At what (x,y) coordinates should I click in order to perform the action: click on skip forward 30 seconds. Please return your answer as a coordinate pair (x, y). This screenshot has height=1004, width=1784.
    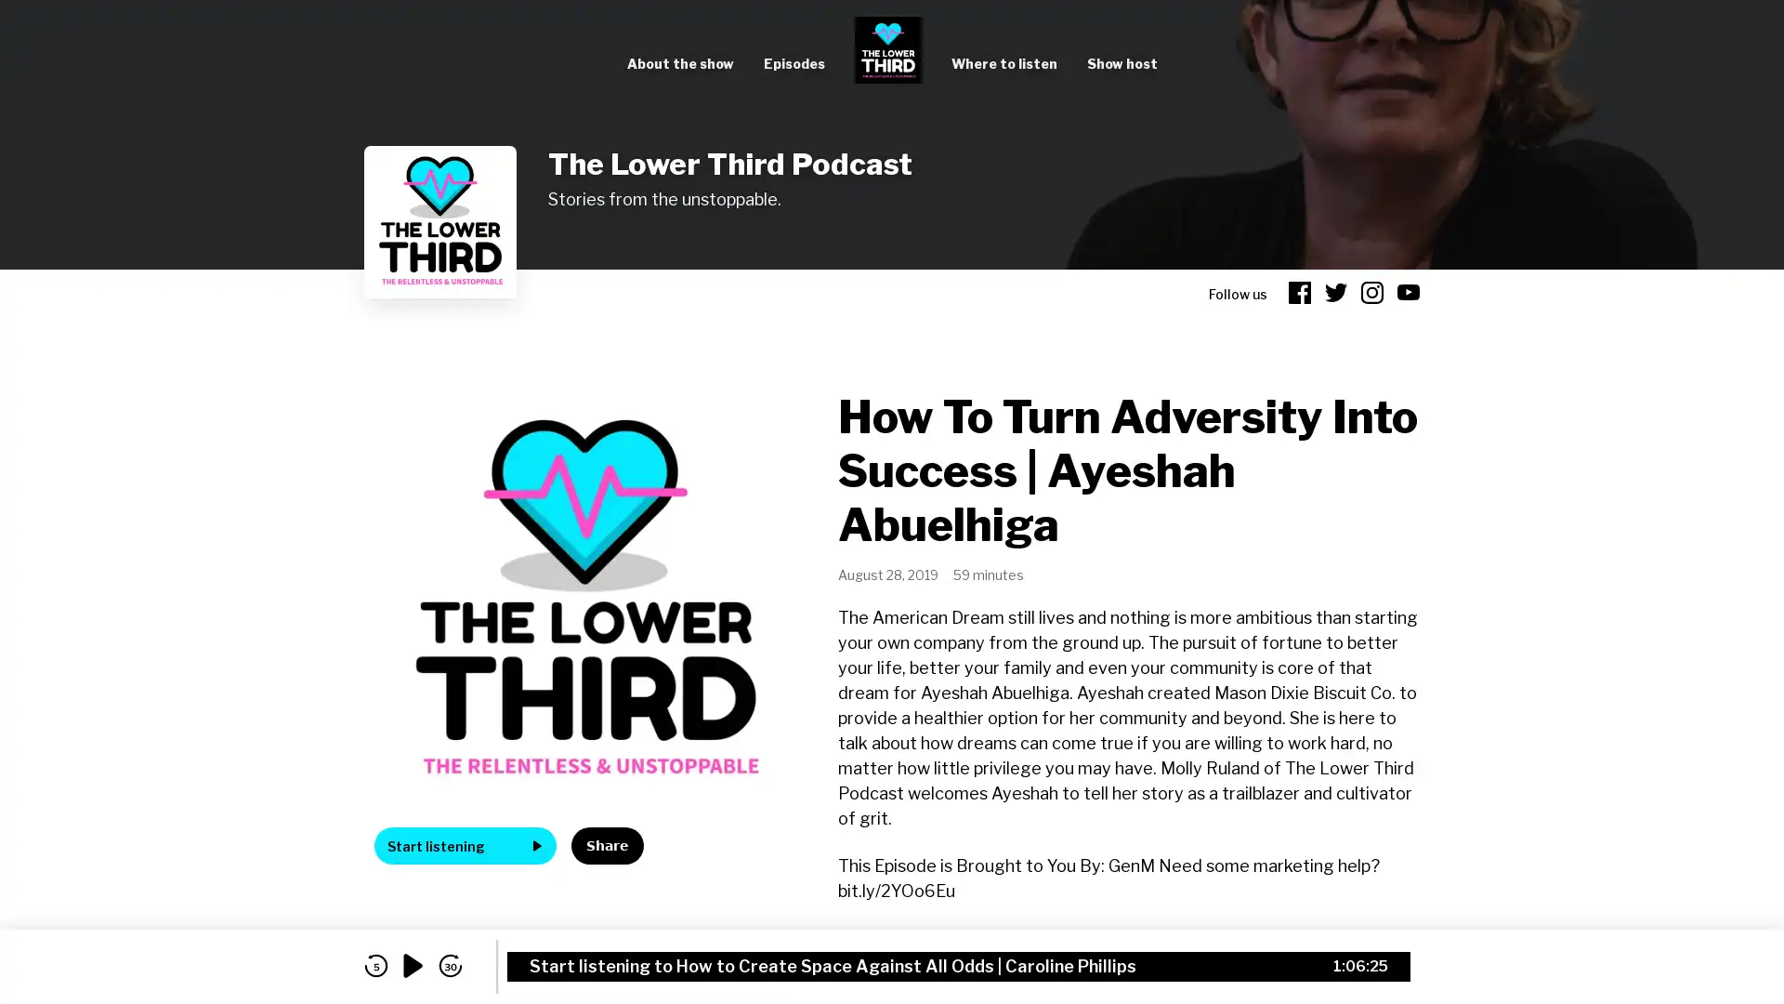
    Looking at the image, I should click on (450, 965).